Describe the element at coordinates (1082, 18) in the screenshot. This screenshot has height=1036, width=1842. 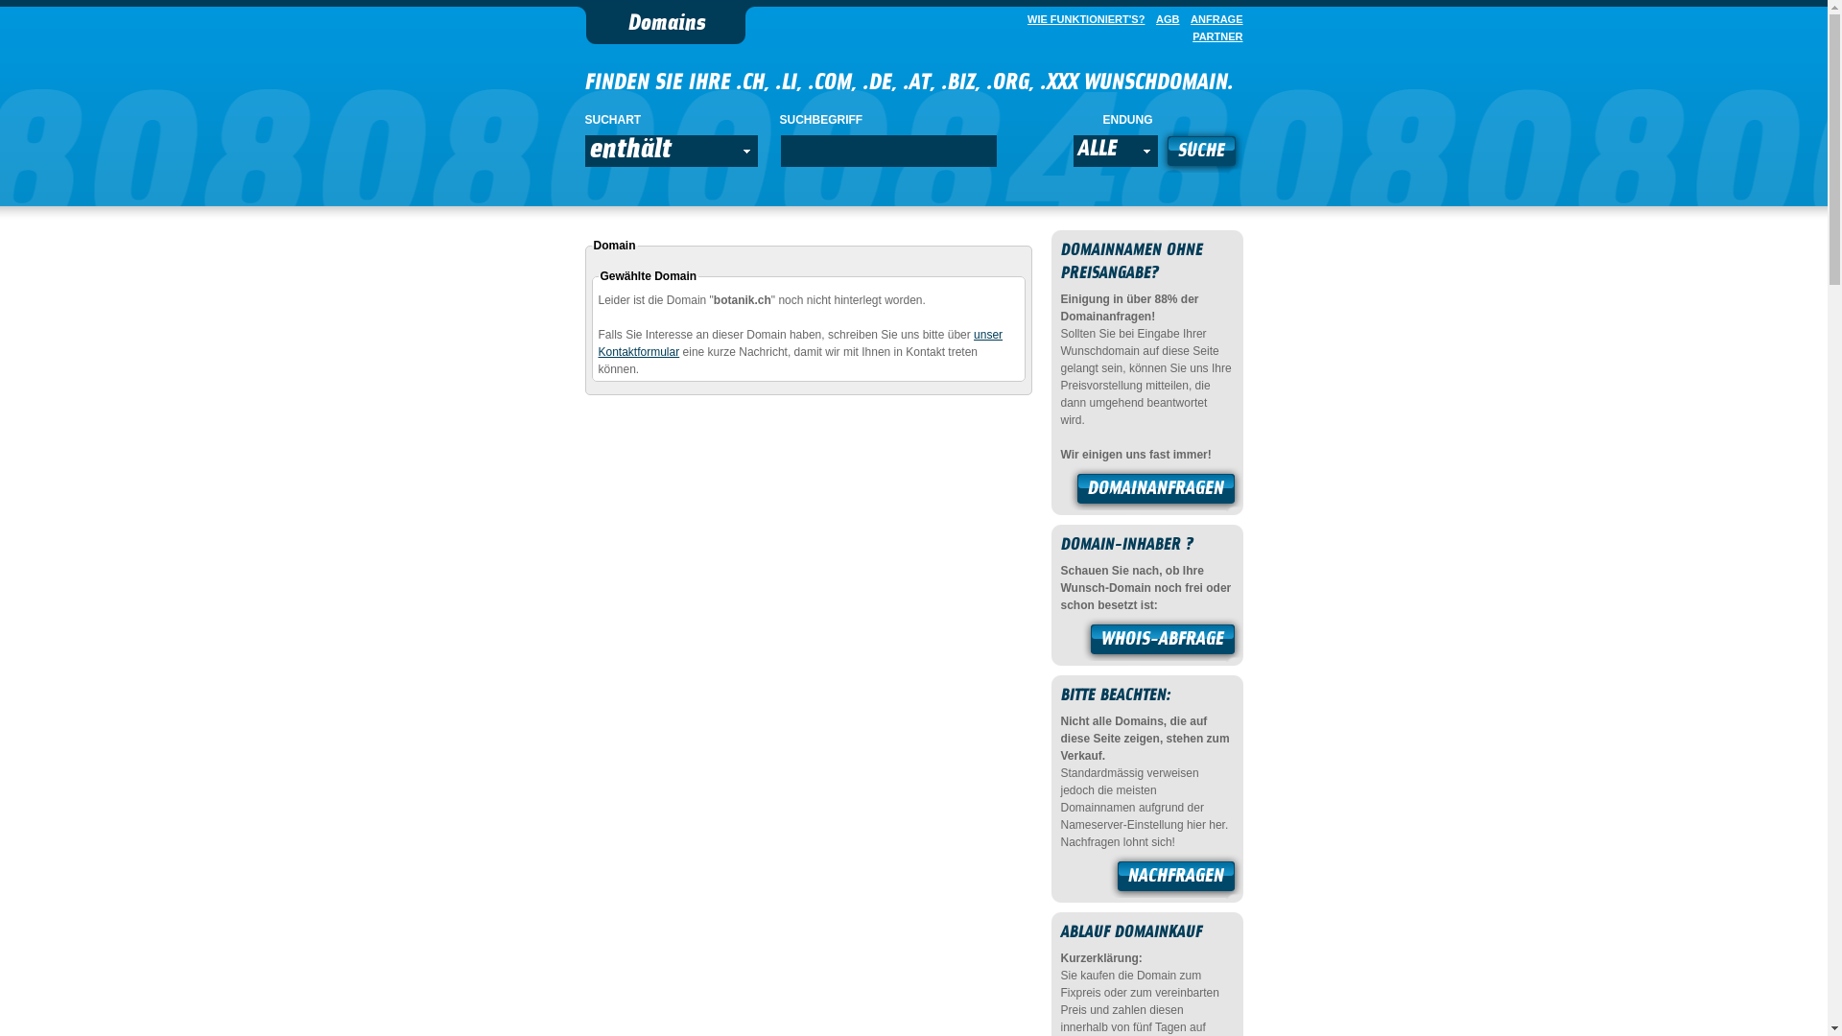
I see `'WIE FUNKTIONIERT'S?'` at that location.